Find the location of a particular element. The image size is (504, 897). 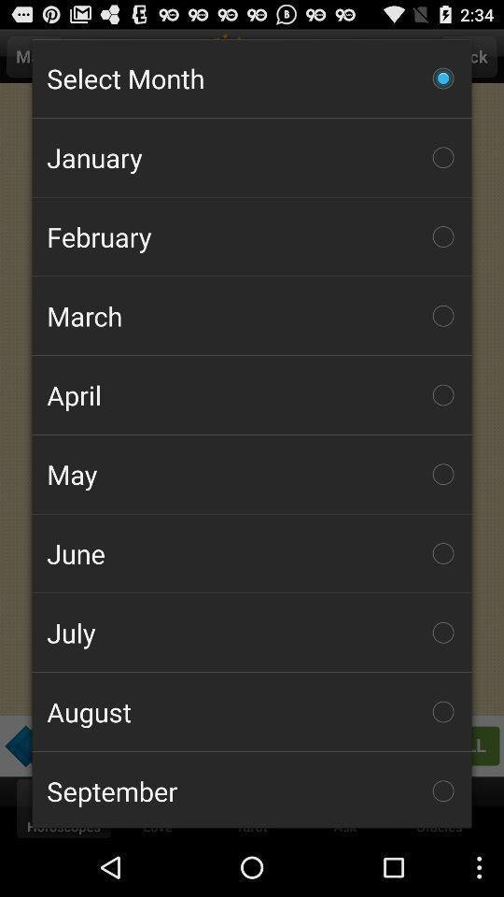

the icon above the april is located at coordinates (252, 316).